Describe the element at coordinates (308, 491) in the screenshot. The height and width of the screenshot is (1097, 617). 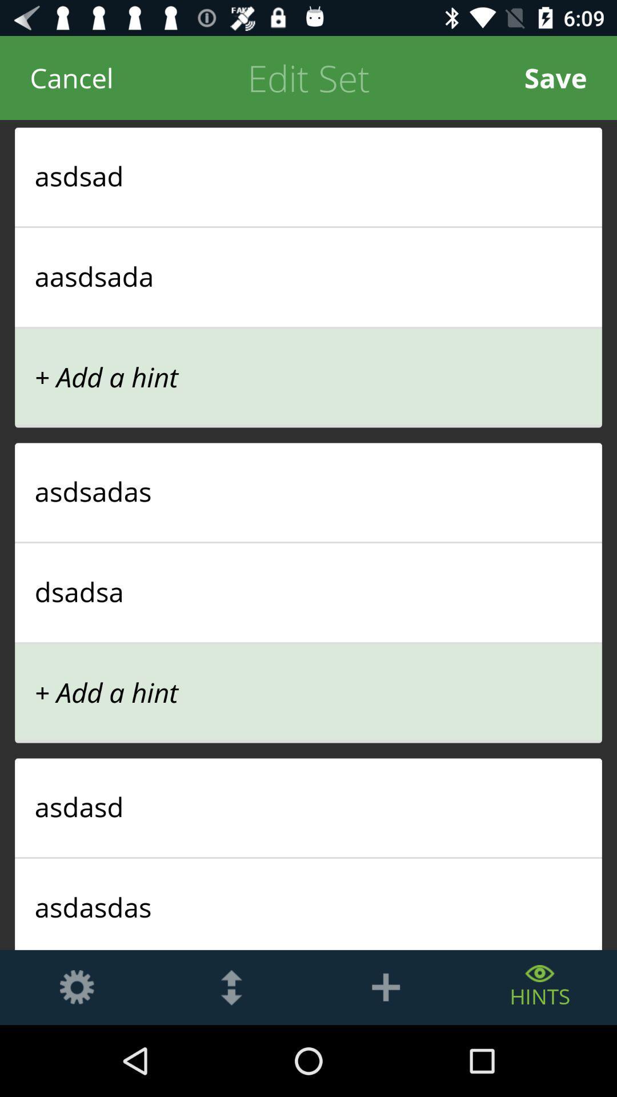
I see `asdsadas icon` at that location.